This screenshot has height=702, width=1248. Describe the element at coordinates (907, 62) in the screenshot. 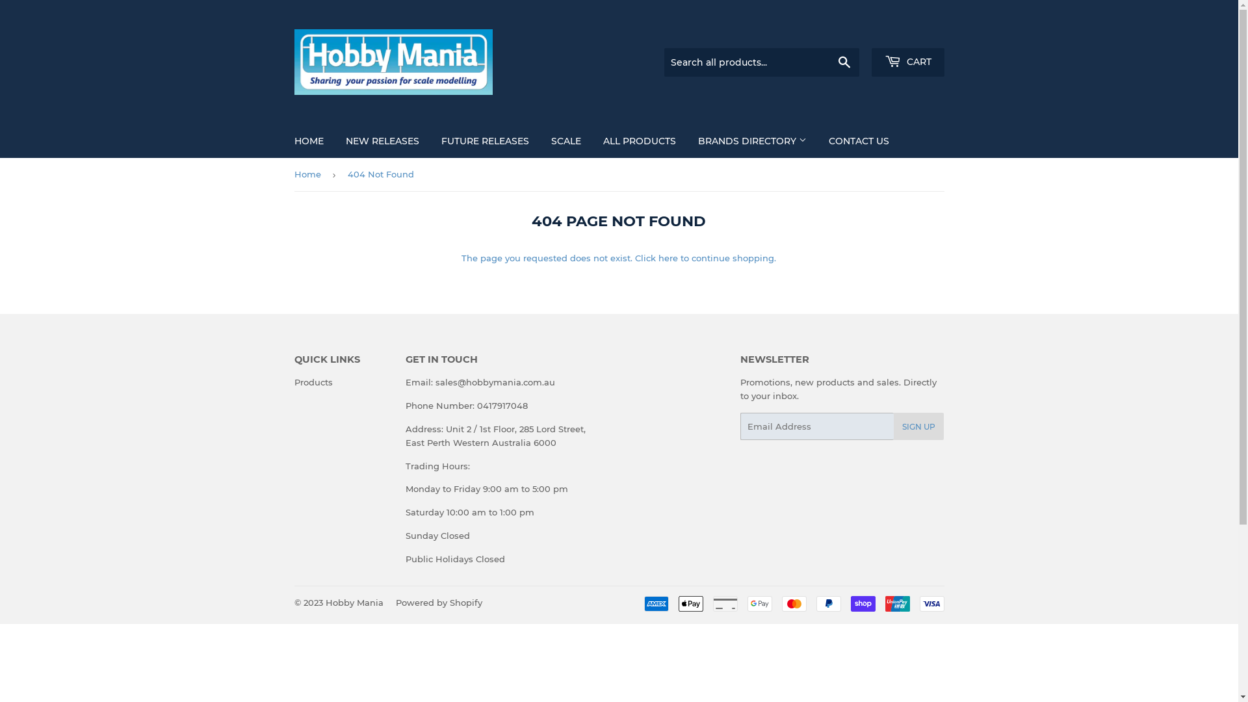

I see `'CART'` at that location.